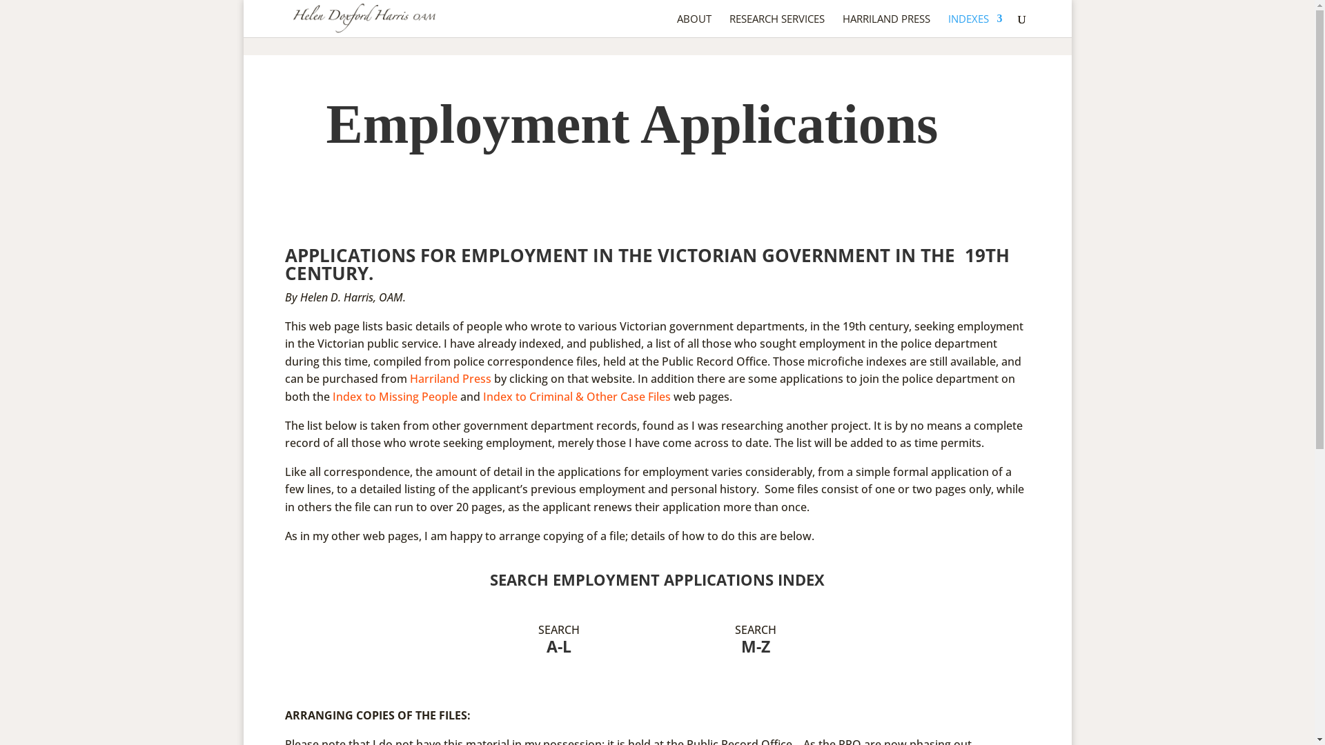  I want to click on 'RESEARCH SERVICES', so click(776, 26).